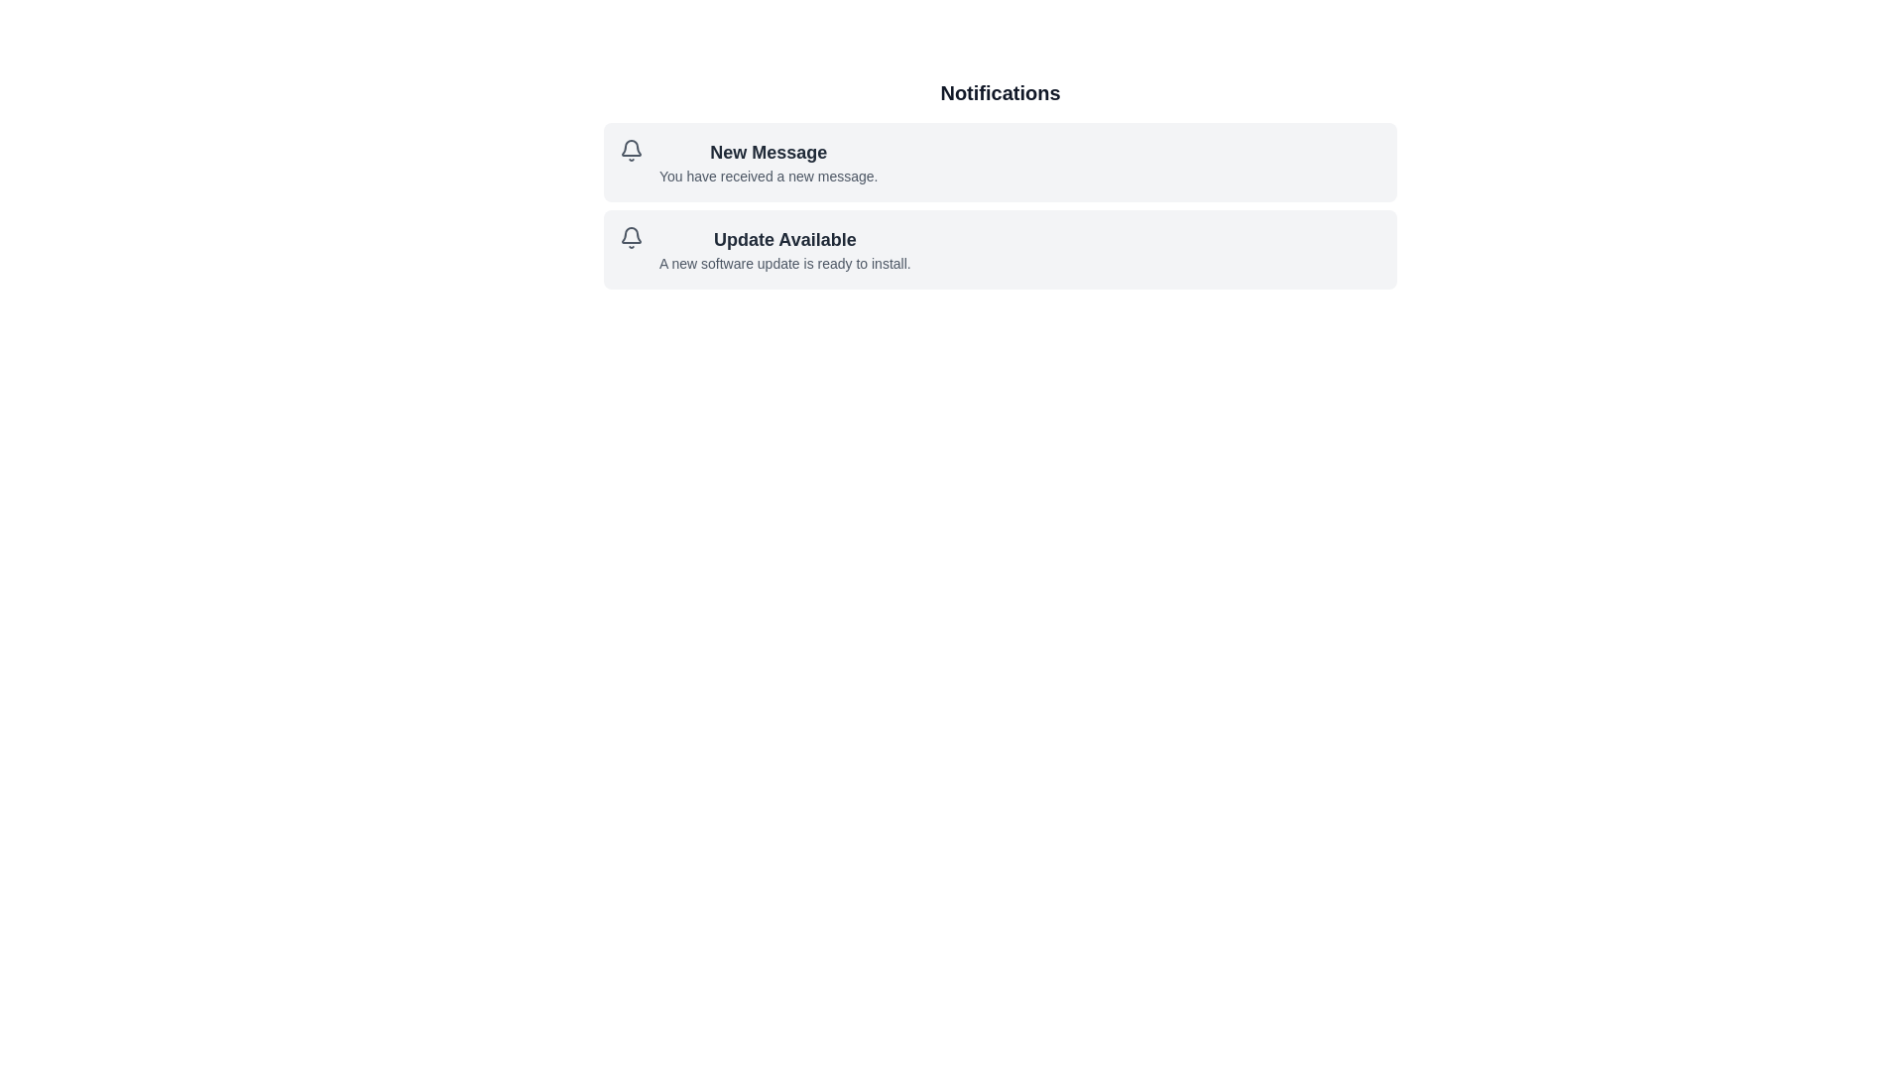  Describe the element at coordinates (768, 175) in the screenshot. I see `the text label displaying 'You have received a new message.' located below the 'New Message' title in the notifications section` at that location.